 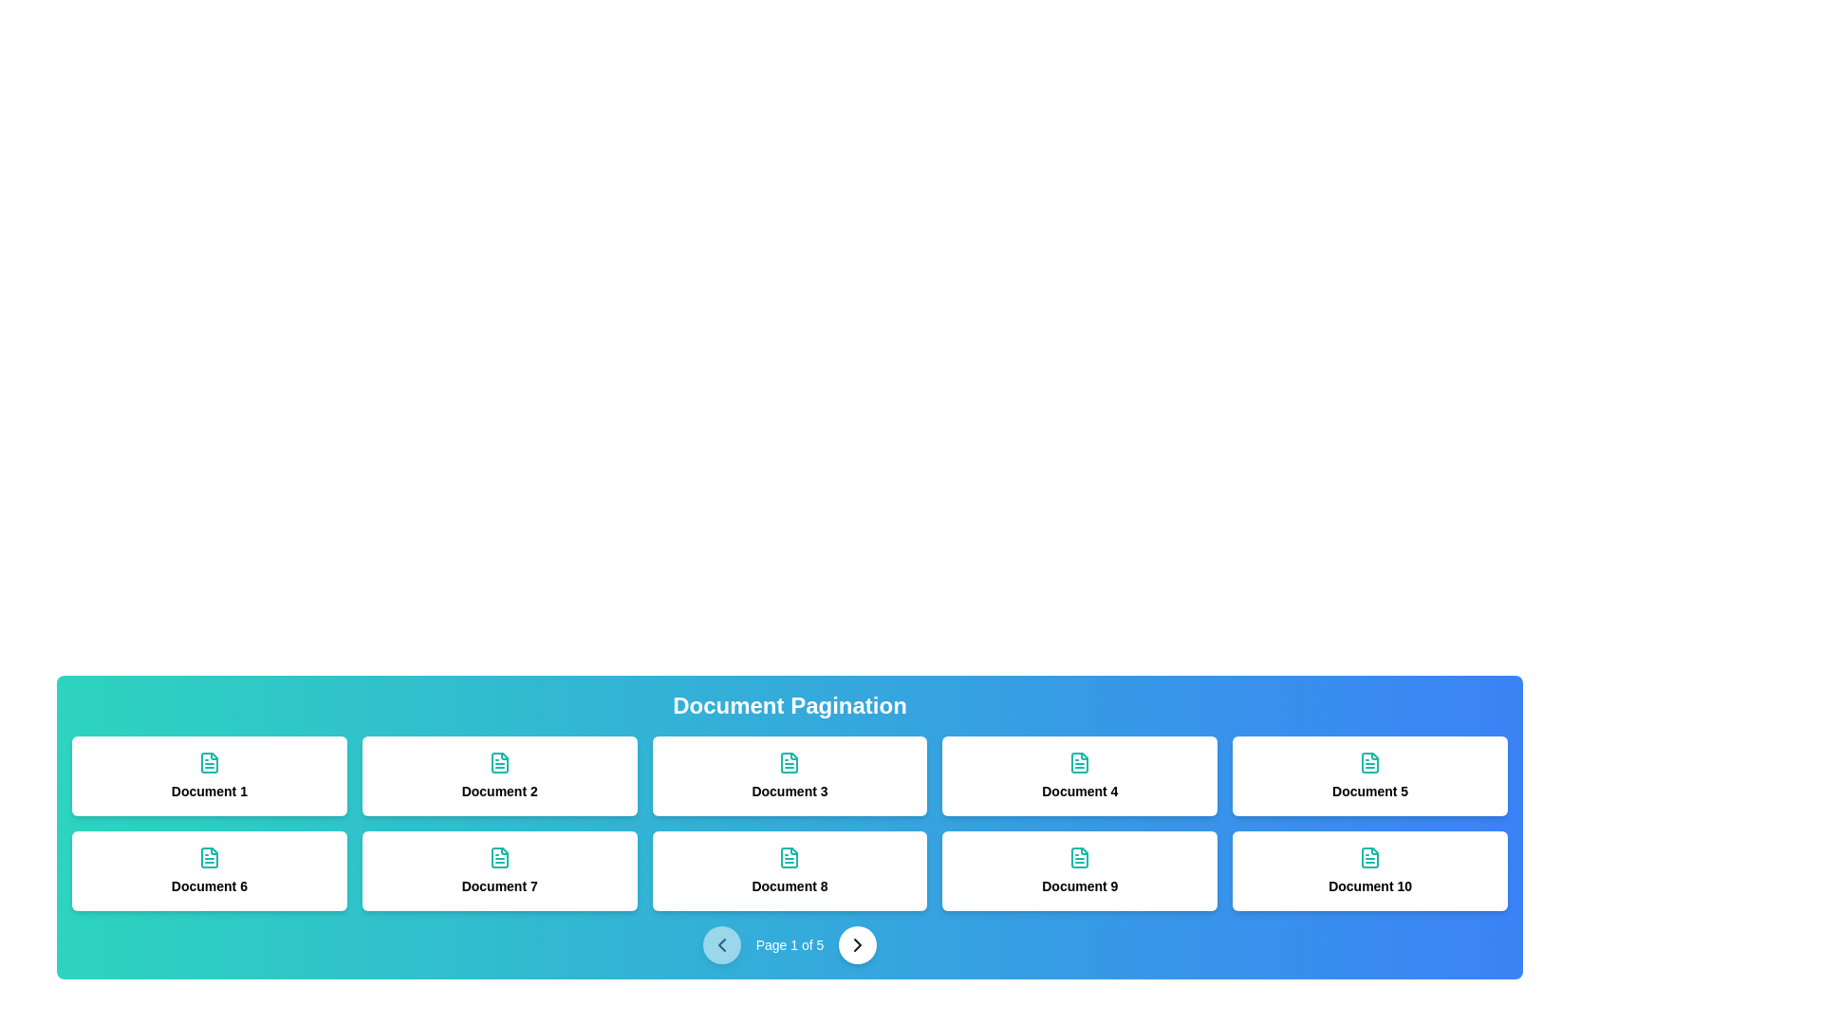 What do you see at coordinates (790, 857) in the screenshot?
I see `the 'Document 8' icon in the document grid interface, which represents a specific file or document type` at bounding box center [790, 857].